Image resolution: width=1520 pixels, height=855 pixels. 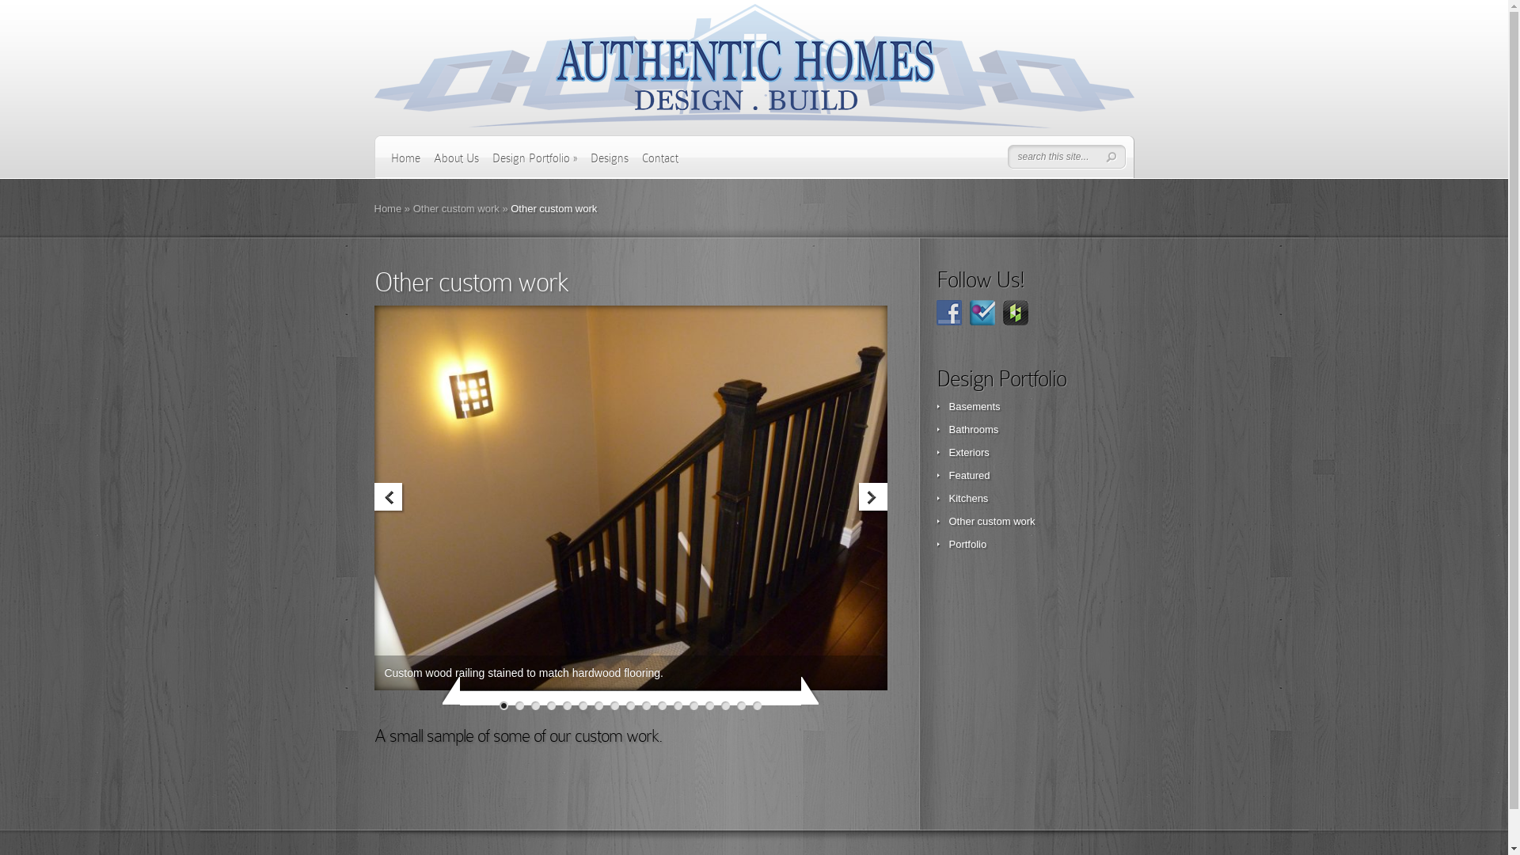 What do you see at coordinates (756, 705) in the screenshot?
I see `'17'` at bounding box center [756, 705].